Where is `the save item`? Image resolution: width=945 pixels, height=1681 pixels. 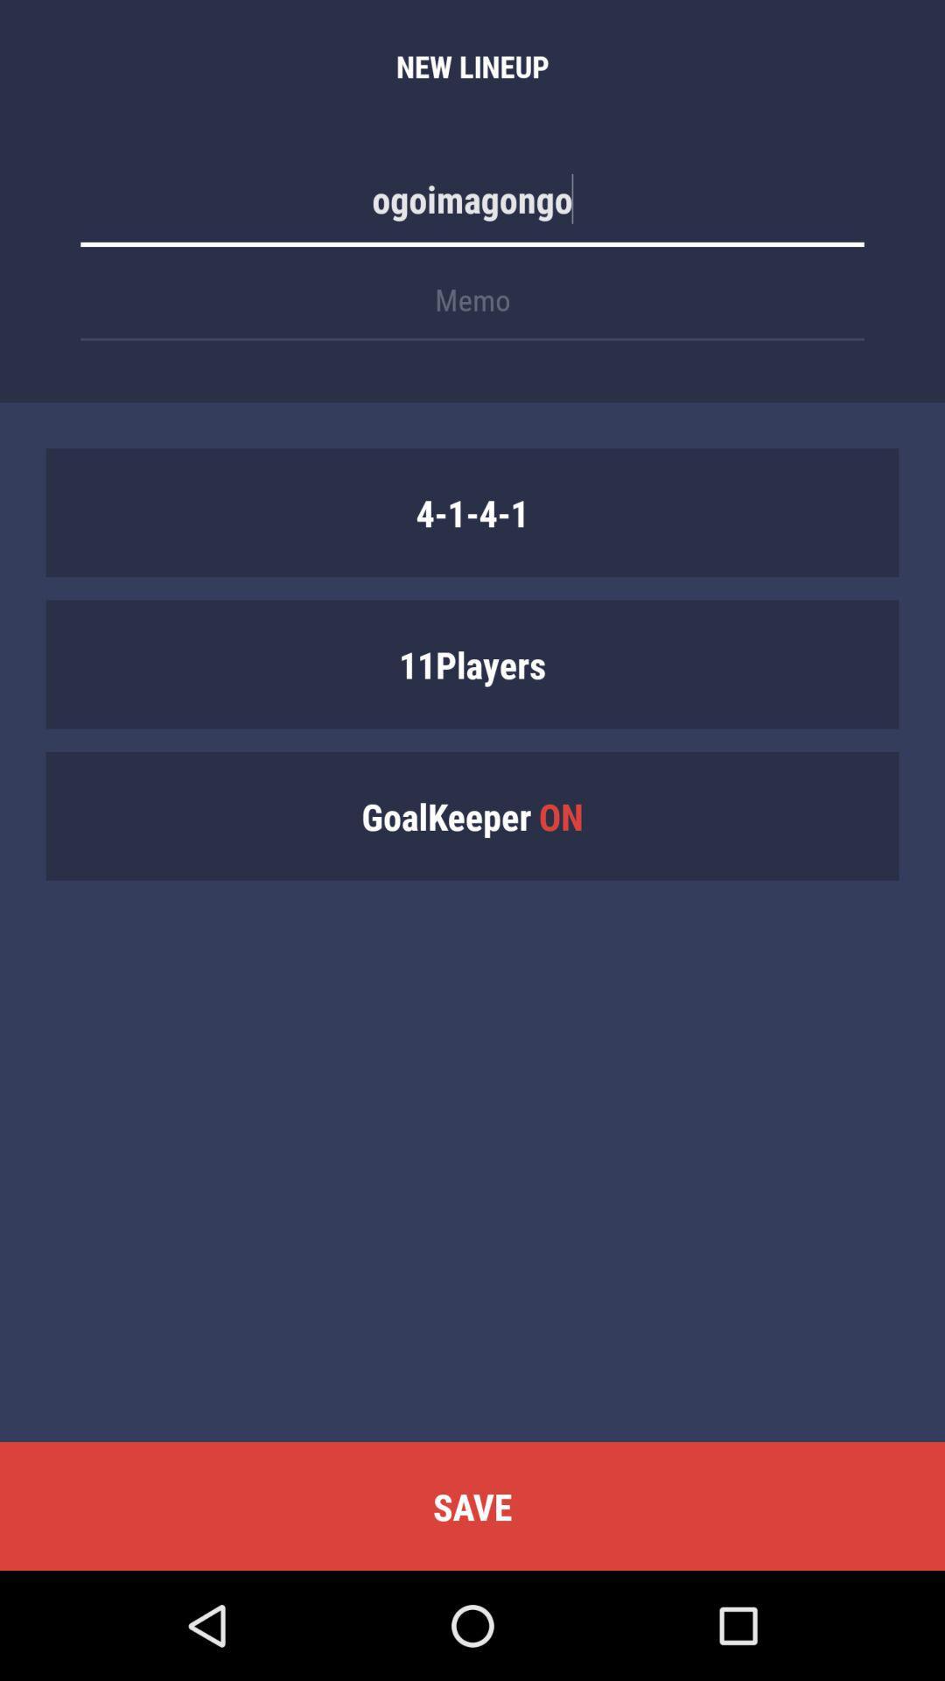 the save item is located at coordinates (472, 1505).